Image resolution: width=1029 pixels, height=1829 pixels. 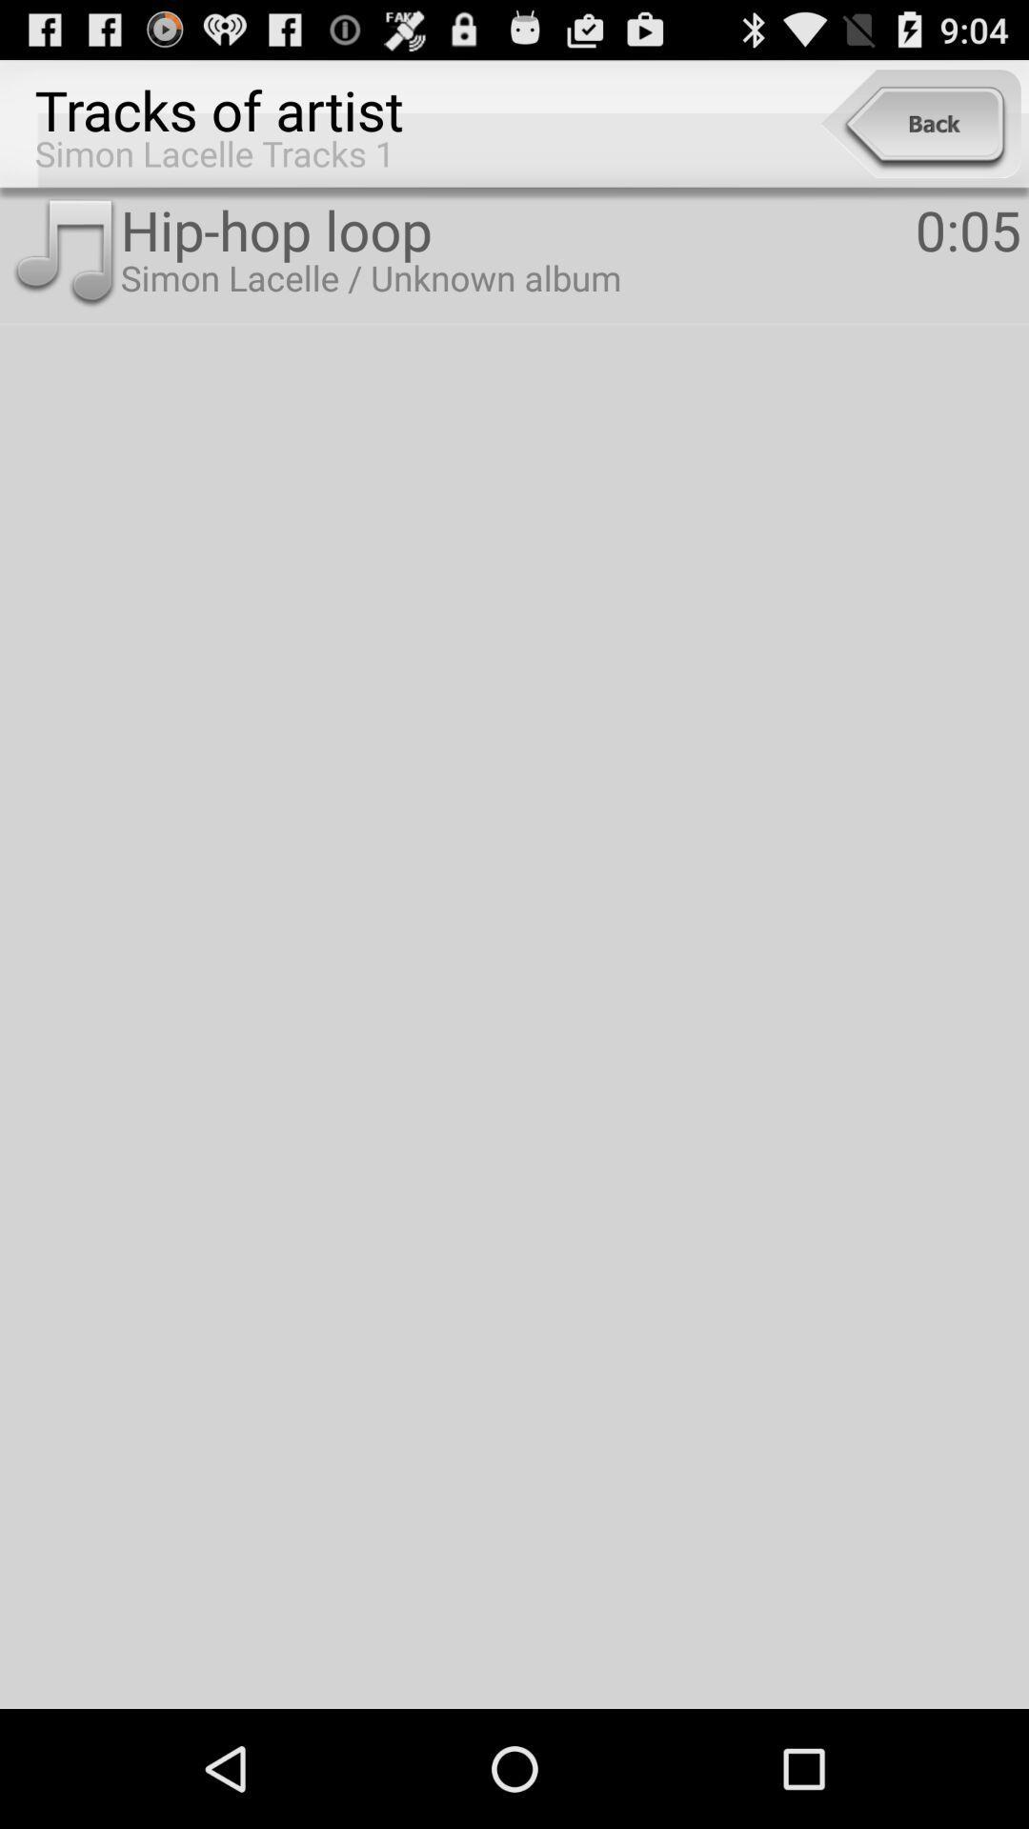 What do you see at coordinates (968, 229) in the screenshot?
I see `item next to hip-hop loop icon` at bounding box center [968, 229].